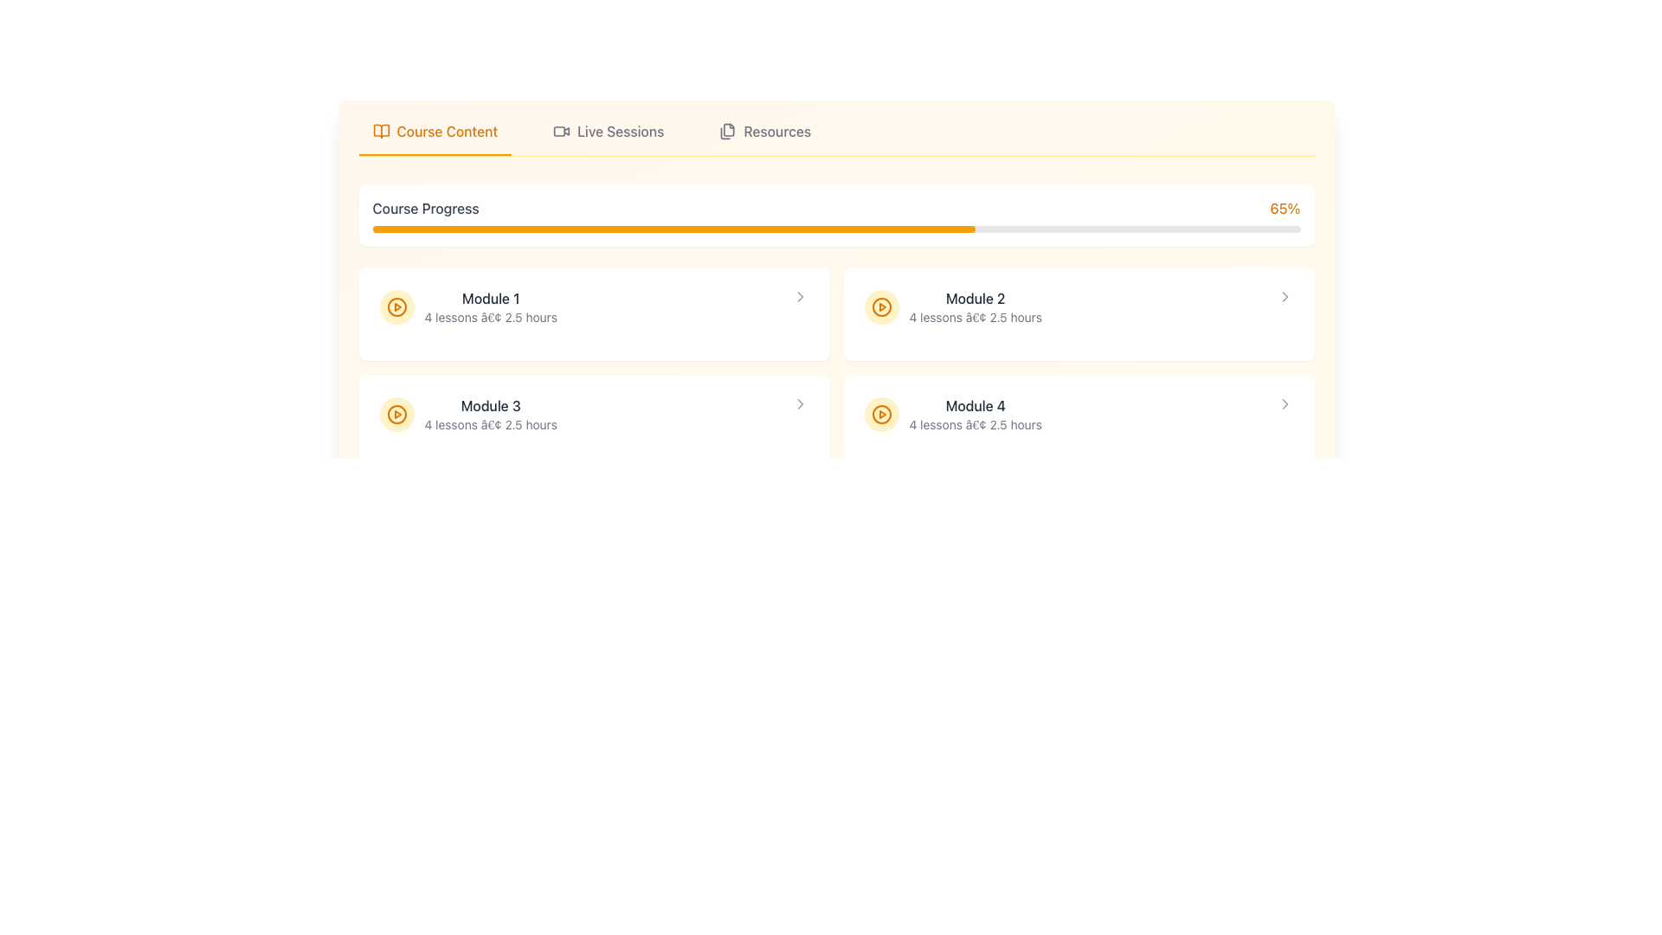  I want to click on the graphic icon resembling a stack of paper files in the navigation menu, so click(728, 130).